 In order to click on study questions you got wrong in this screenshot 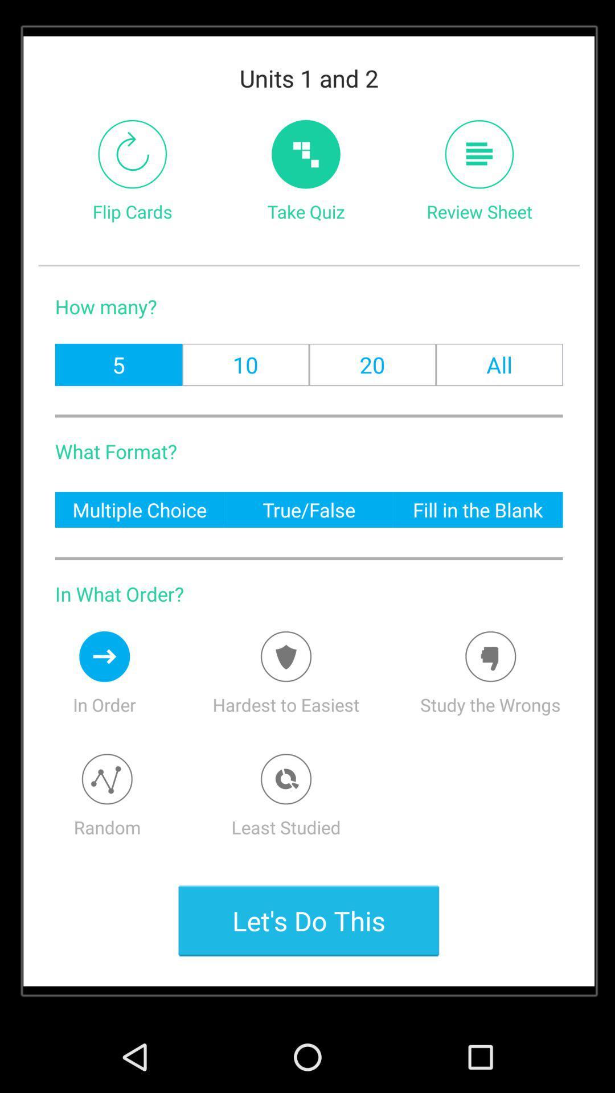, I will do `click(490, 656)`.